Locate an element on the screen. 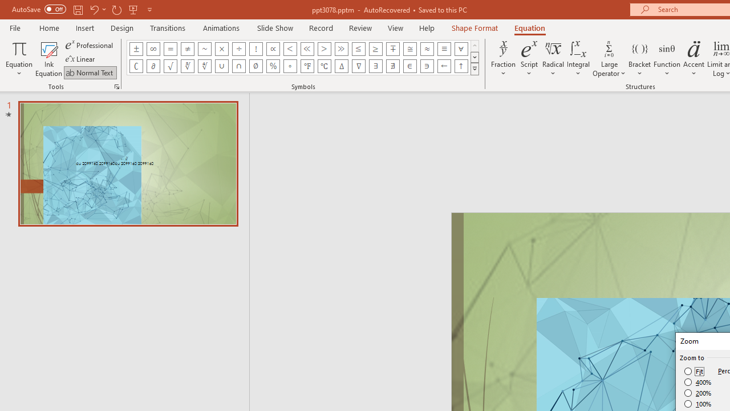  'Equation Symbol Degrees Fahrenheit' is located at coordinates (307, 66).